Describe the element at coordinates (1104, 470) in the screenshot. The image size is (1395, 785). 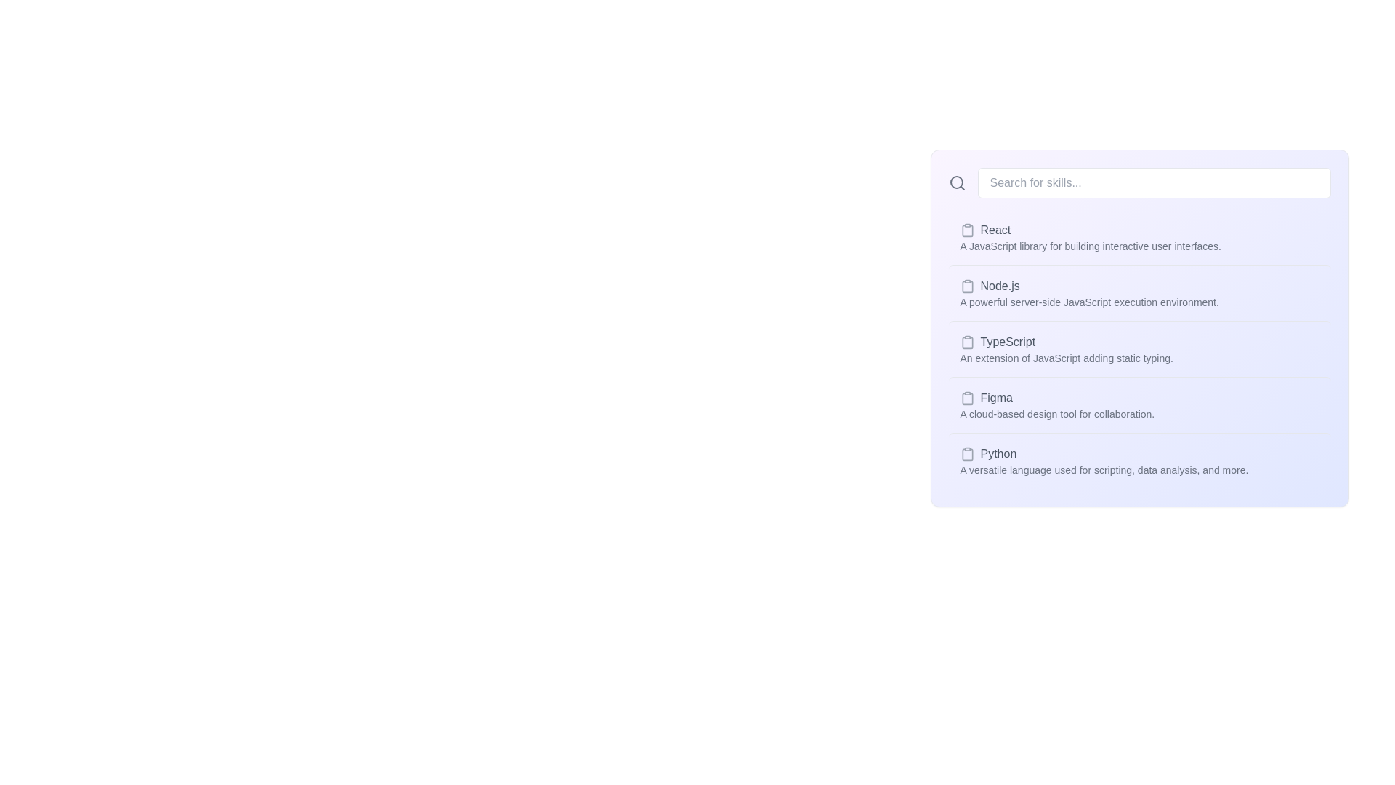
I see `the text label displaying the description 'A versatile language used for scripting, data analysis, and more.' located below the title 'Python'` at that location.